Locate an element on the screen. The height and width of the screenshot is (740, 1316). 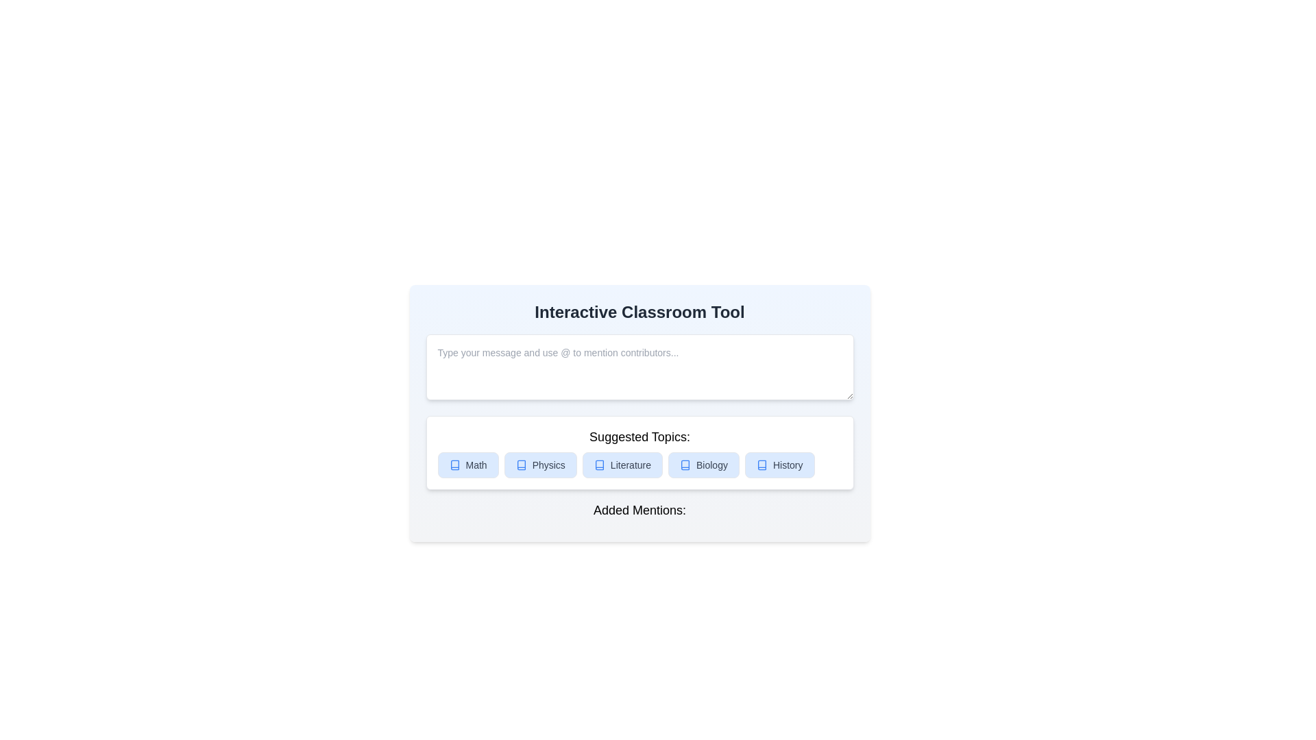
the small book icon with a blue tinted rounded frame located in the middle of the 'Biology' button is located at coordinates (685, 464).